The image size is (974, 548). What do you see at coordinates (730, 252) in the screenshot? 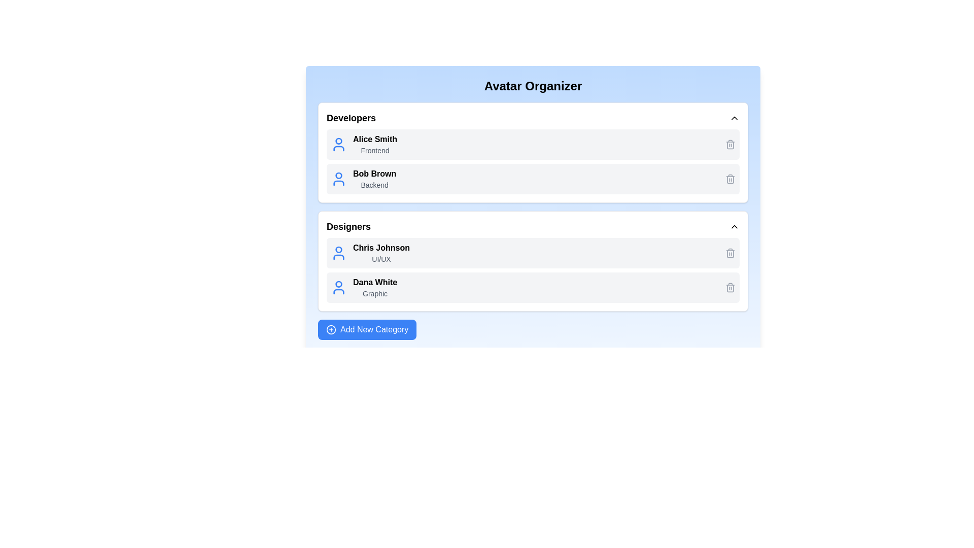
I see `the trash icon button located in the top-right corner of the 'Designers' section's card for 'Chris Johnson' with the title 'UI/UX' to initiate a delete action` at bounding box center [730, 252].